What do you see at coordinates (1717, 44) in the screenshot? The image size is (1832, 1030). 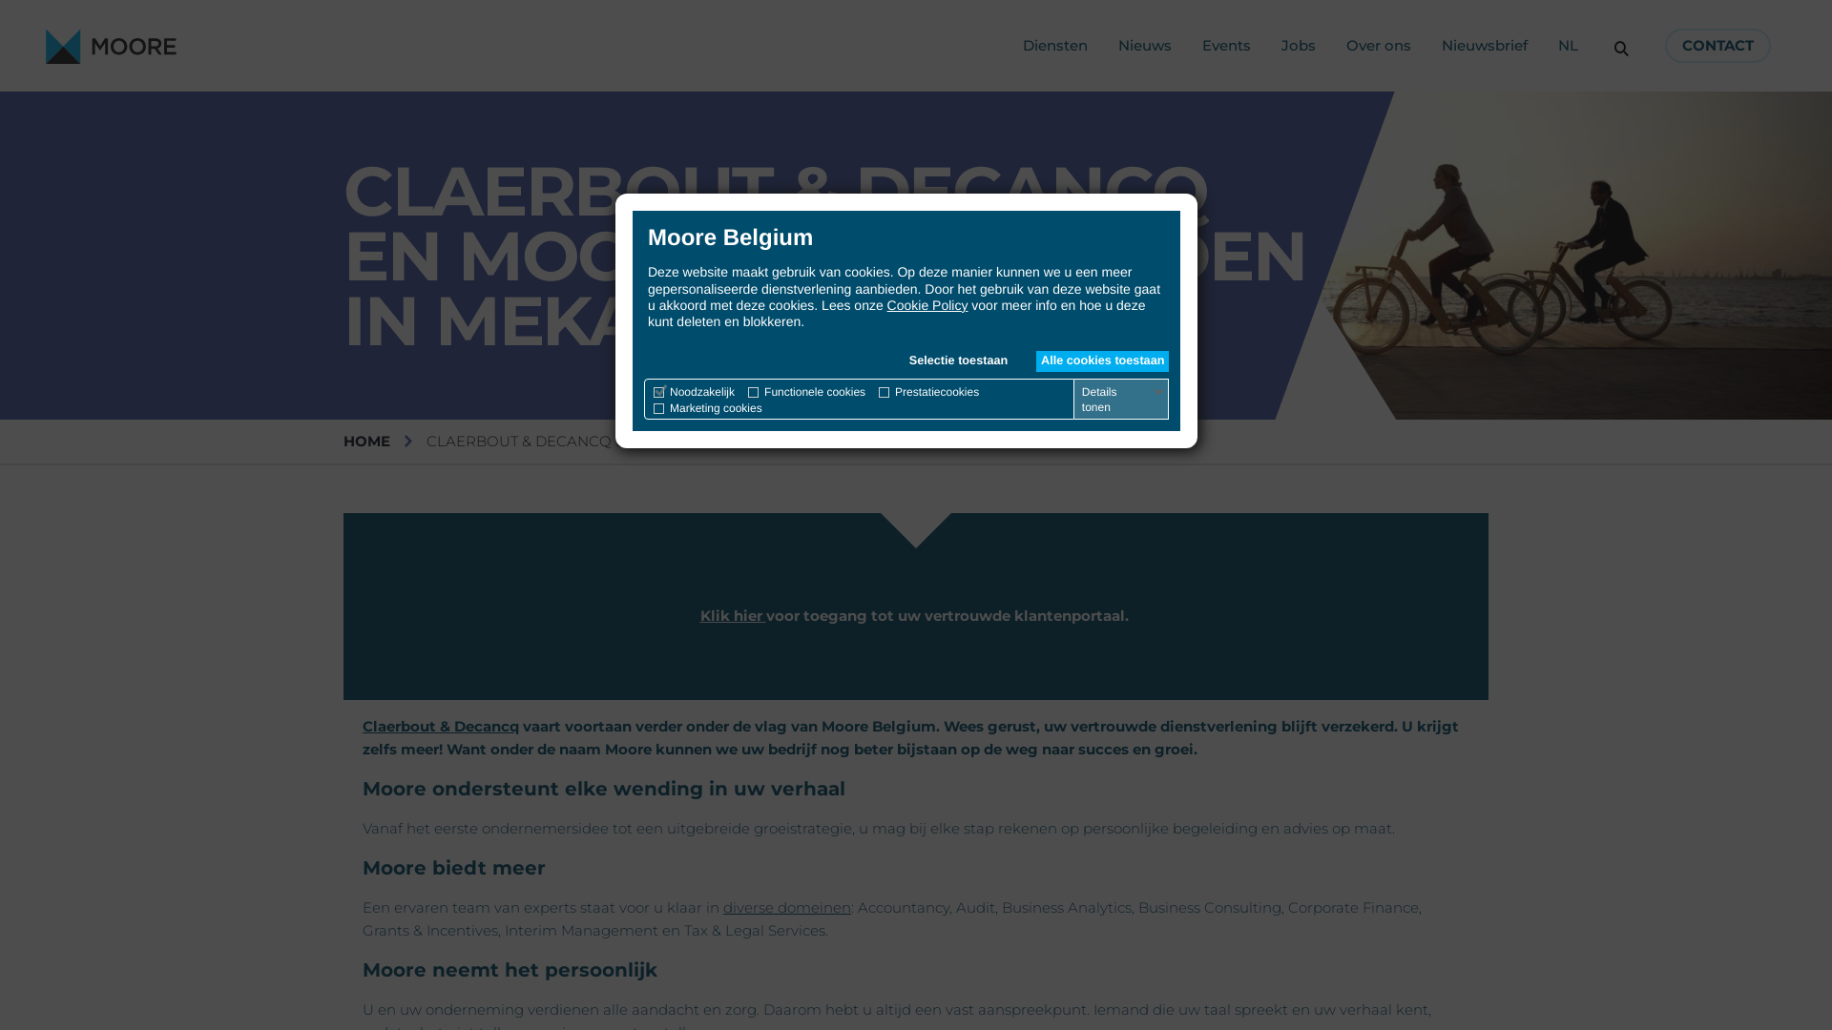 I see `'CONTACT'` at bounding box center [1717, 44].